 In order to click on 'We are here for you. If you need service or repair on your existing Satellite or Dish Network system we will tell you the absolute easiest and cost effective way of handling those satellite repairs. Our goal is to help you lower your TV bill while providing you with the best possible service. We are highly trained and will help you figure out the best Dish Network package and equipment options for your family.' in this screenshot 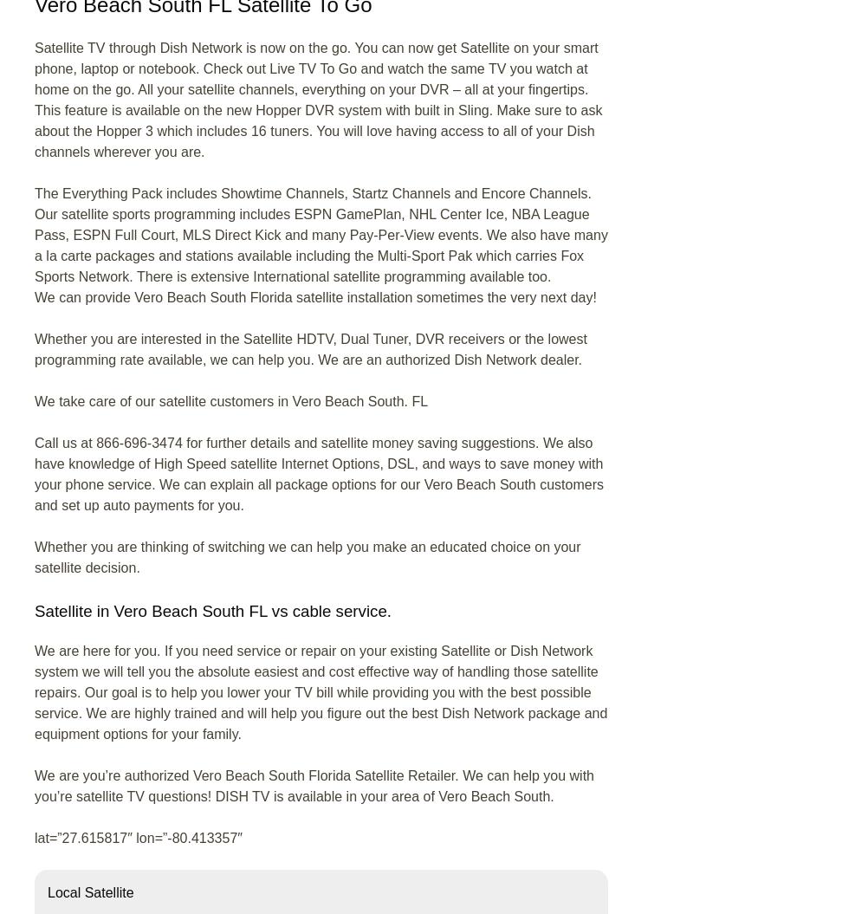, I will do `click(321, 691)`.